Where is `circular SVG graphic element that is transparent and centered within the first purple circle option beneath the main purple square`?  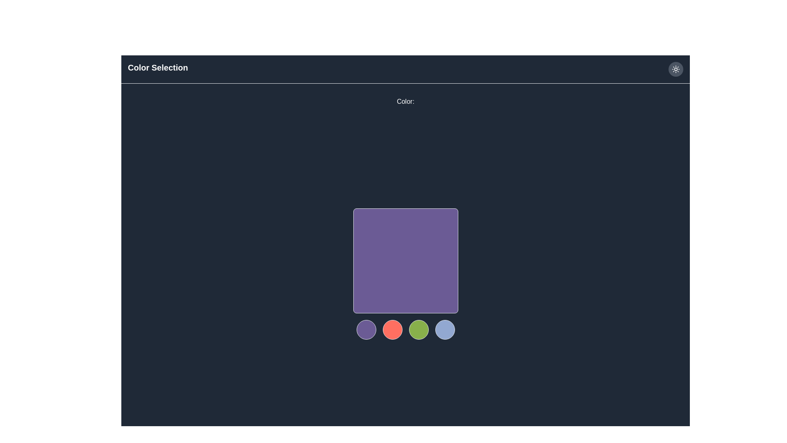
circular SVG graphic element that is transparent and centered within the first purple circle option beneath the main purple square is located at coordinates (361, 329).